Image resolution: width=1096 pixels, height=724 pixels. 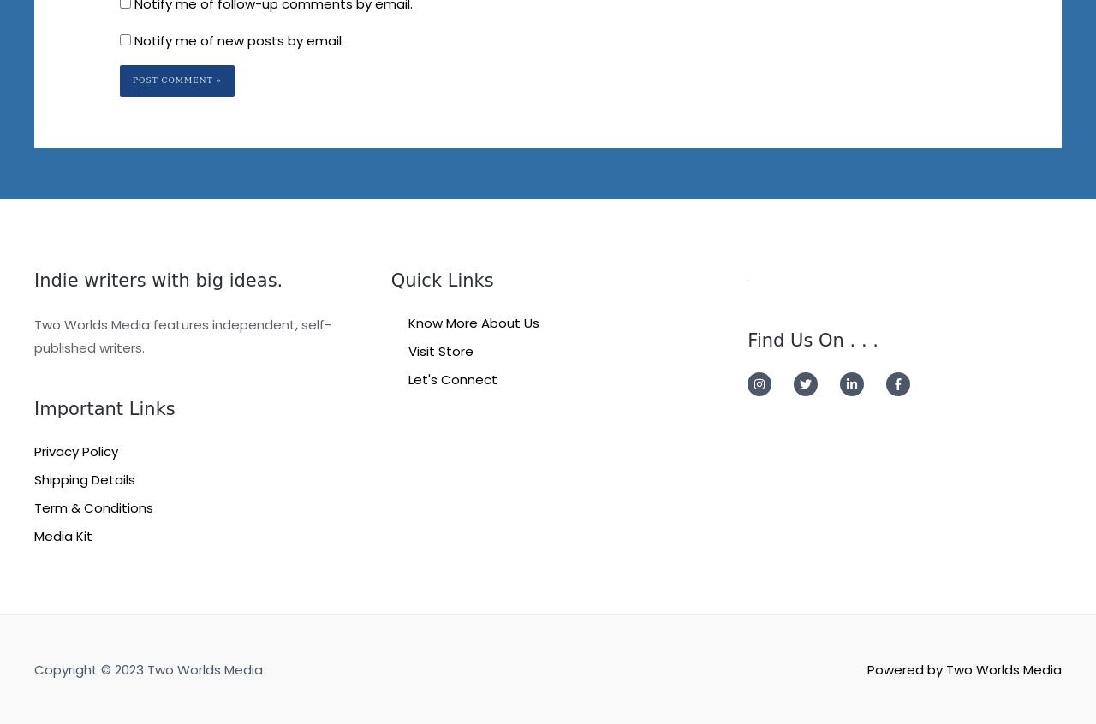 I want to click on 'Visit Store', so click(x=407, y=350).